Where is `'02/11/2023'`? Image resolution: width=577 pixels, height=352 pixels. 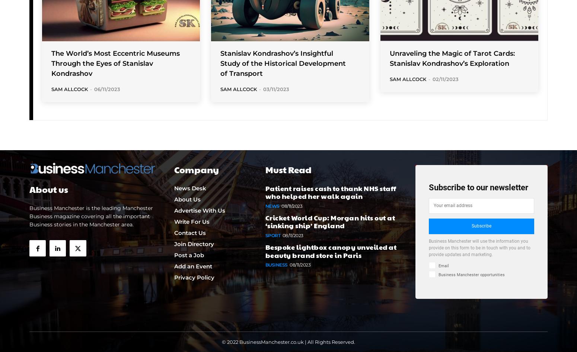 '02/11/2023' is located at coordinates (445, 79).